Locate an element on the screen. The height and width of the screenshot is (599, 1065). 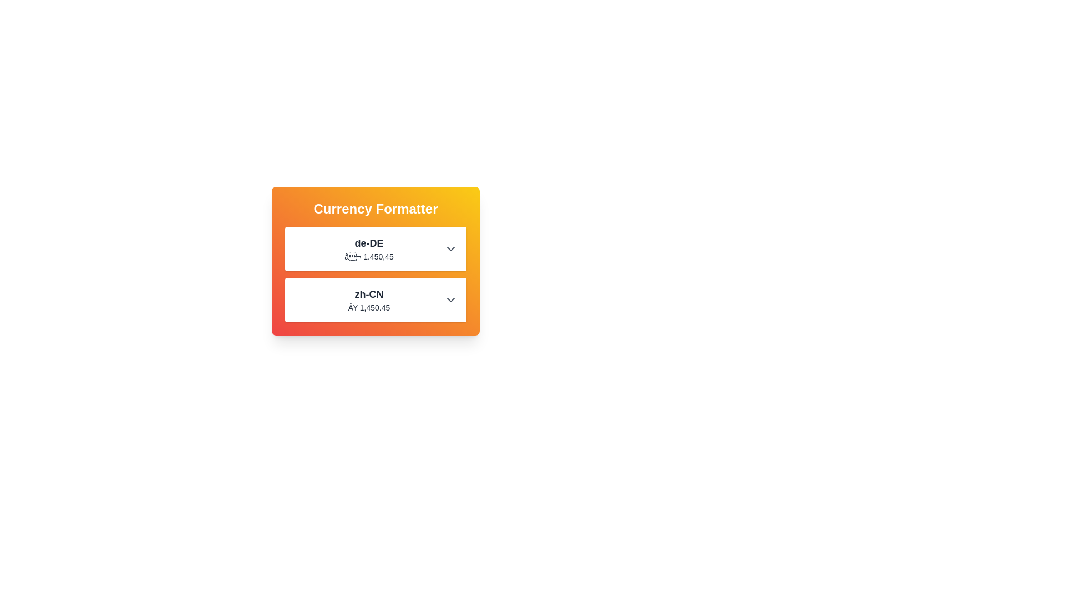
the chevron-down icon styled as an SVG graphic, which is located at the far right of the currency information block labeled 'zh-CN Â¥ 1,450.45.' is located at coordinates (450, 299).